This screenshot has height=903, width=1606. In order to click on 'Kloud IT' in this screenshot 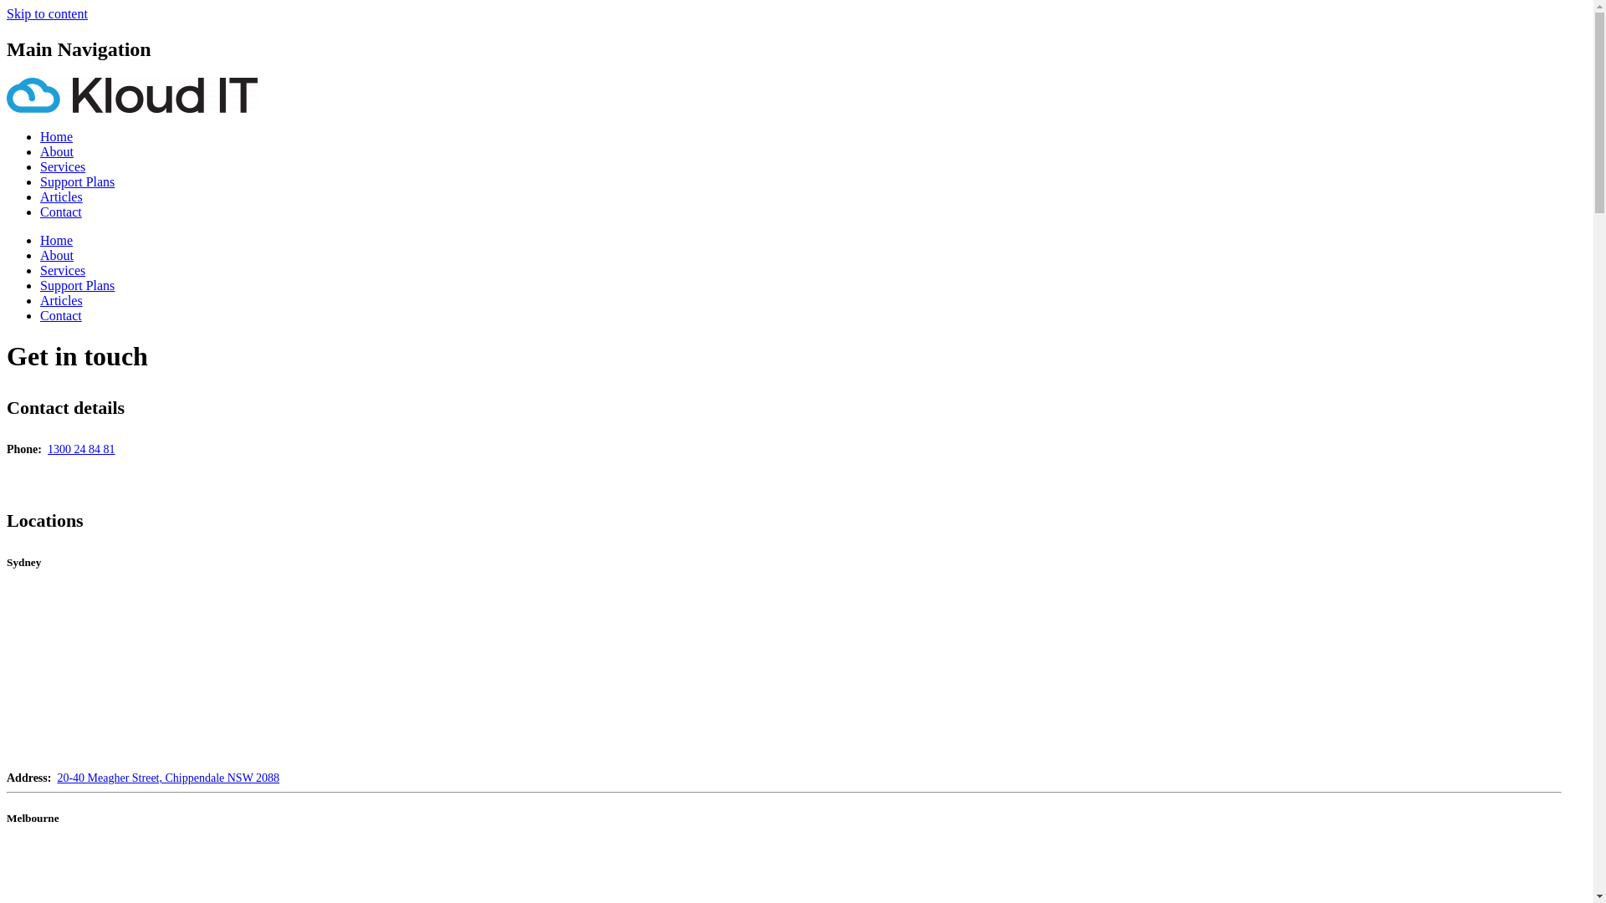, I will do `click(131, 108)`.